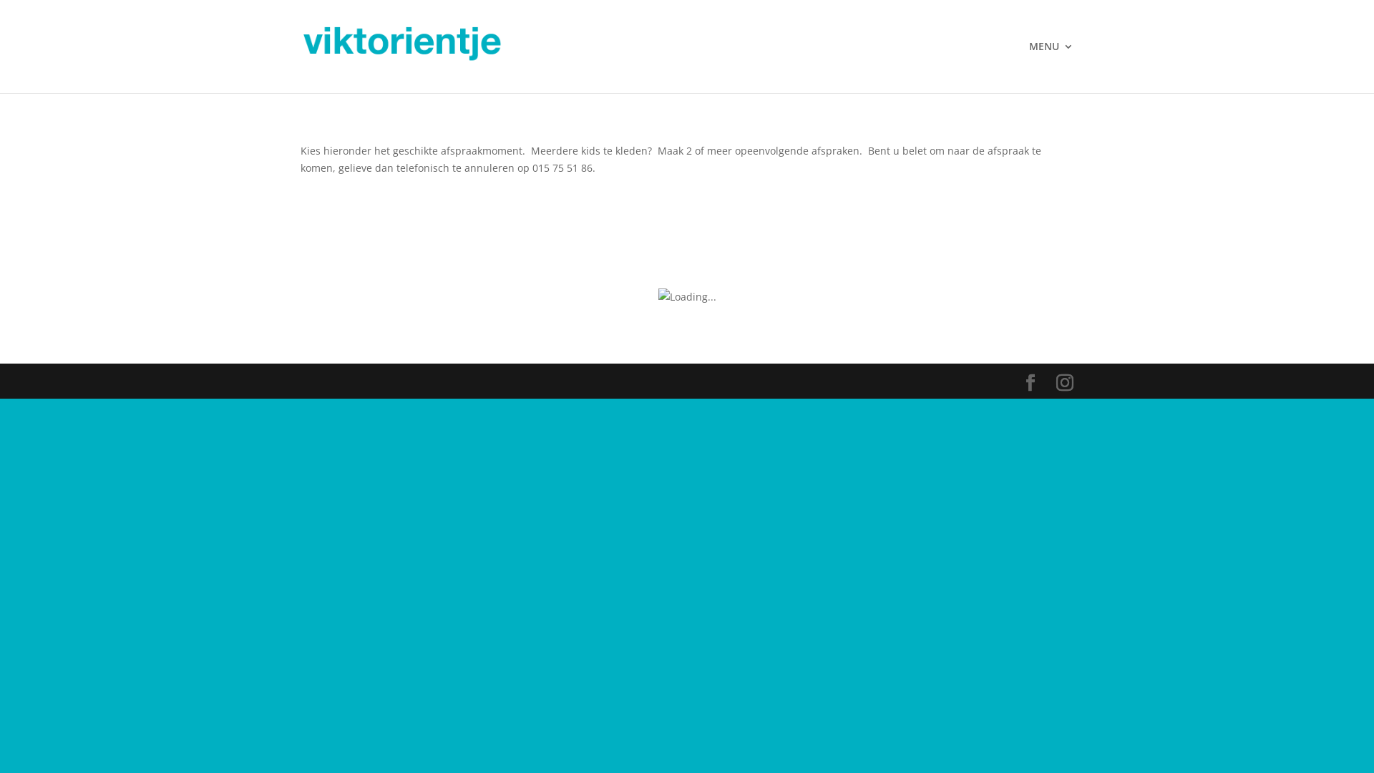 This screenshot has height=773, width=1374. Describe the element at coordinates (1051, 67) in the screenshot. I see `'MENU'` at that location.